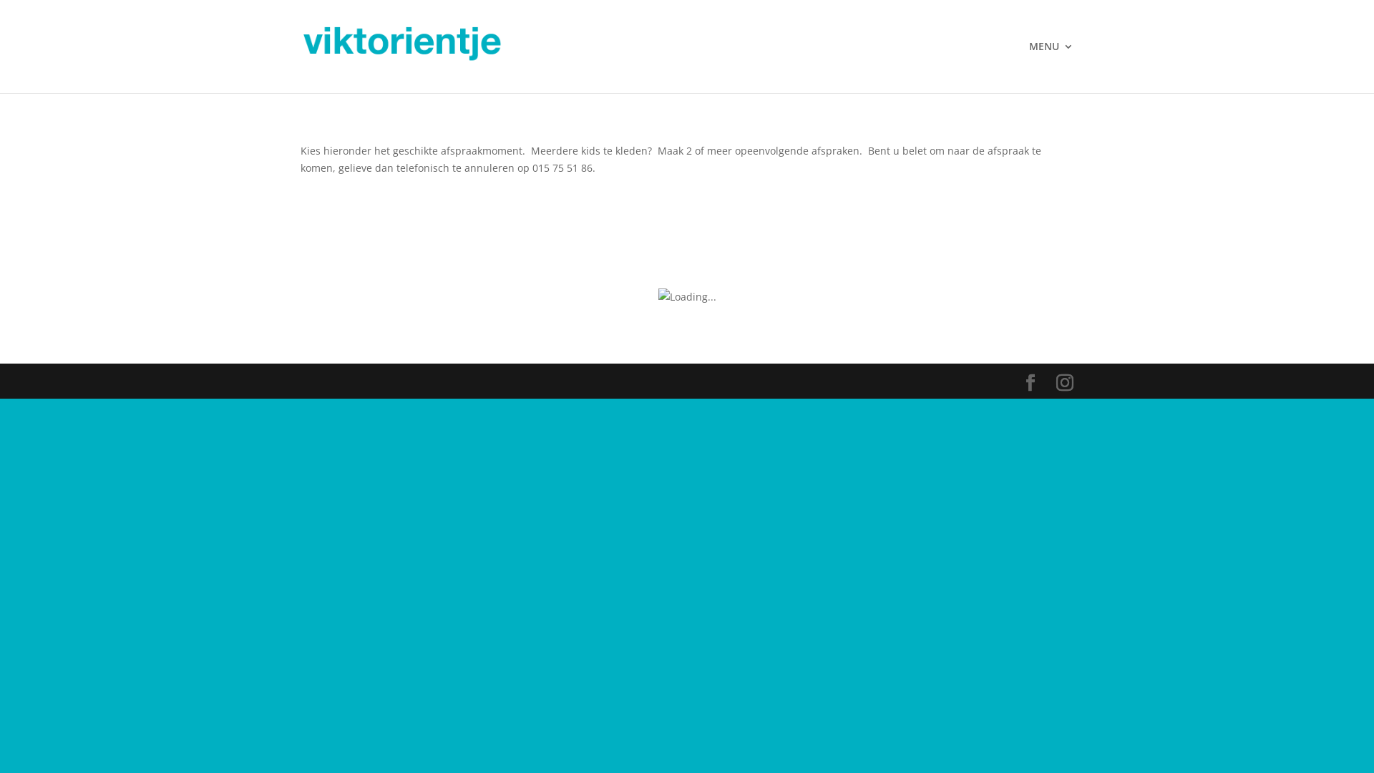 This screenshot has height=773, width=1374. Describe the element at coordinates (1051, 67) in the screenshot. I see `'MENU'` at that location.